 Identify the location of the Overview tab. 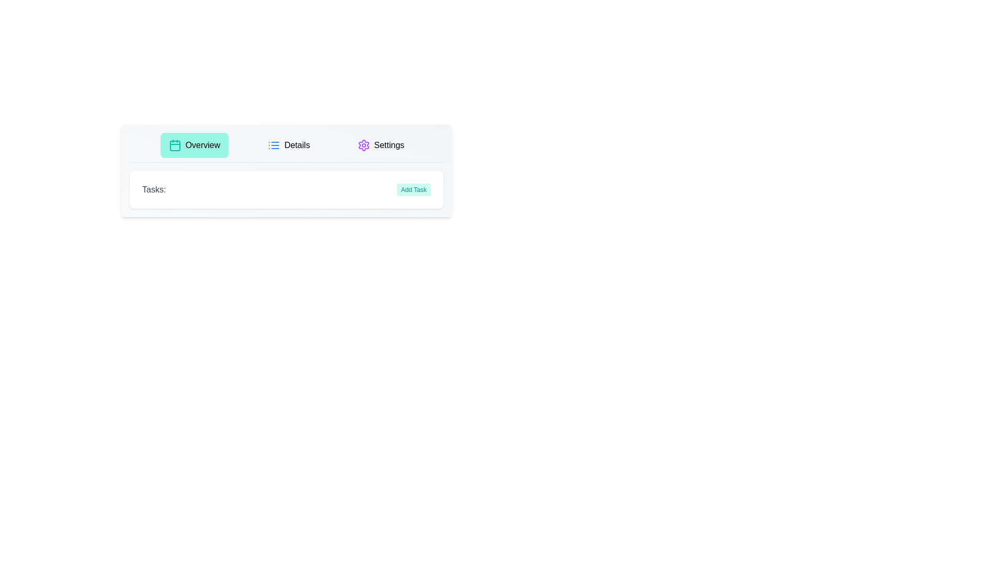
(194, 145).